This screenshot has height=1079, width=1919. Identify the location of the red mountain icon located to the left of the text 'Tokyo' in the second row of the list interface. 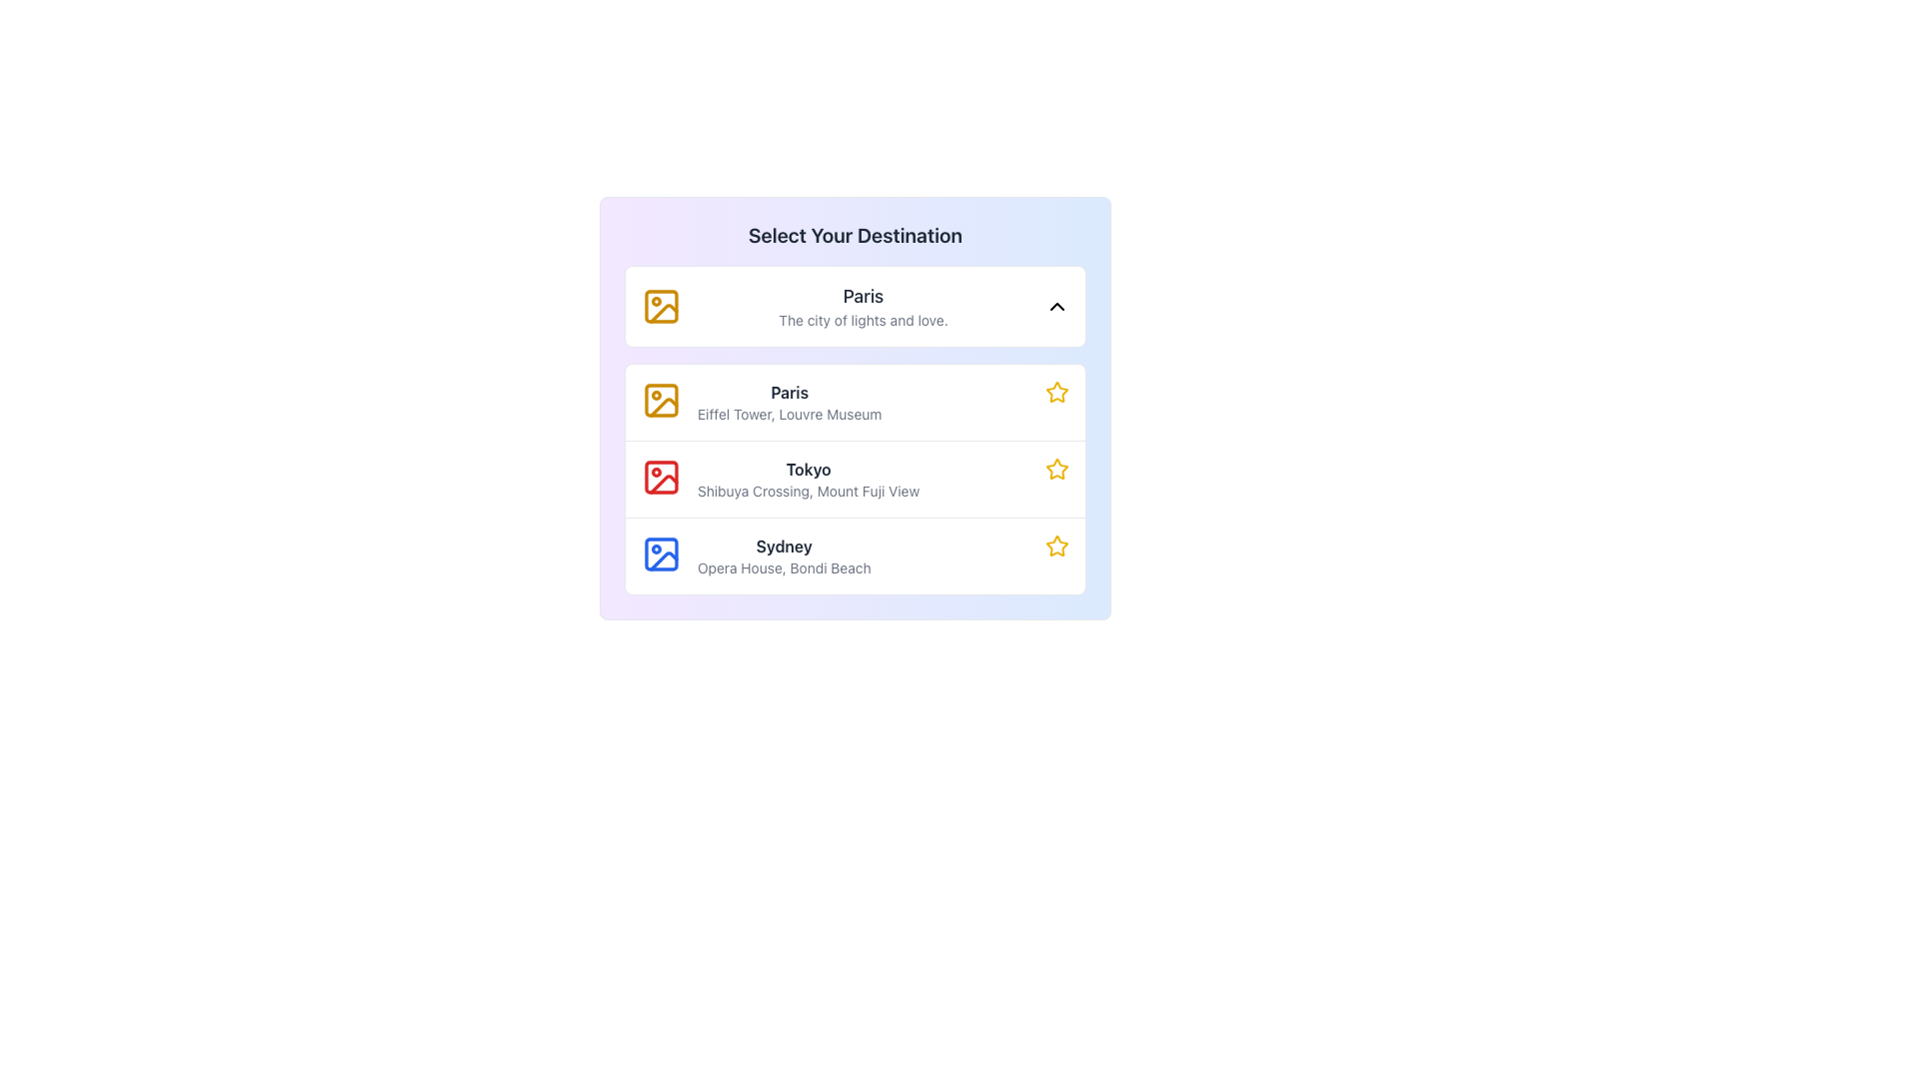
(664, 484).